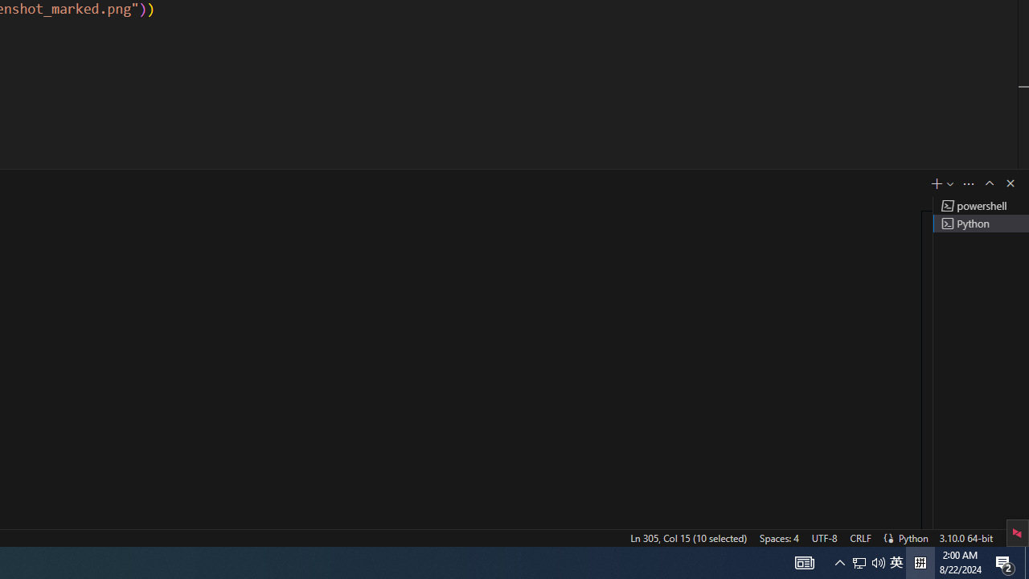  Describe the element at coordinates (824, 537) in the screenshot. I see `'UTF-8'` at that location.